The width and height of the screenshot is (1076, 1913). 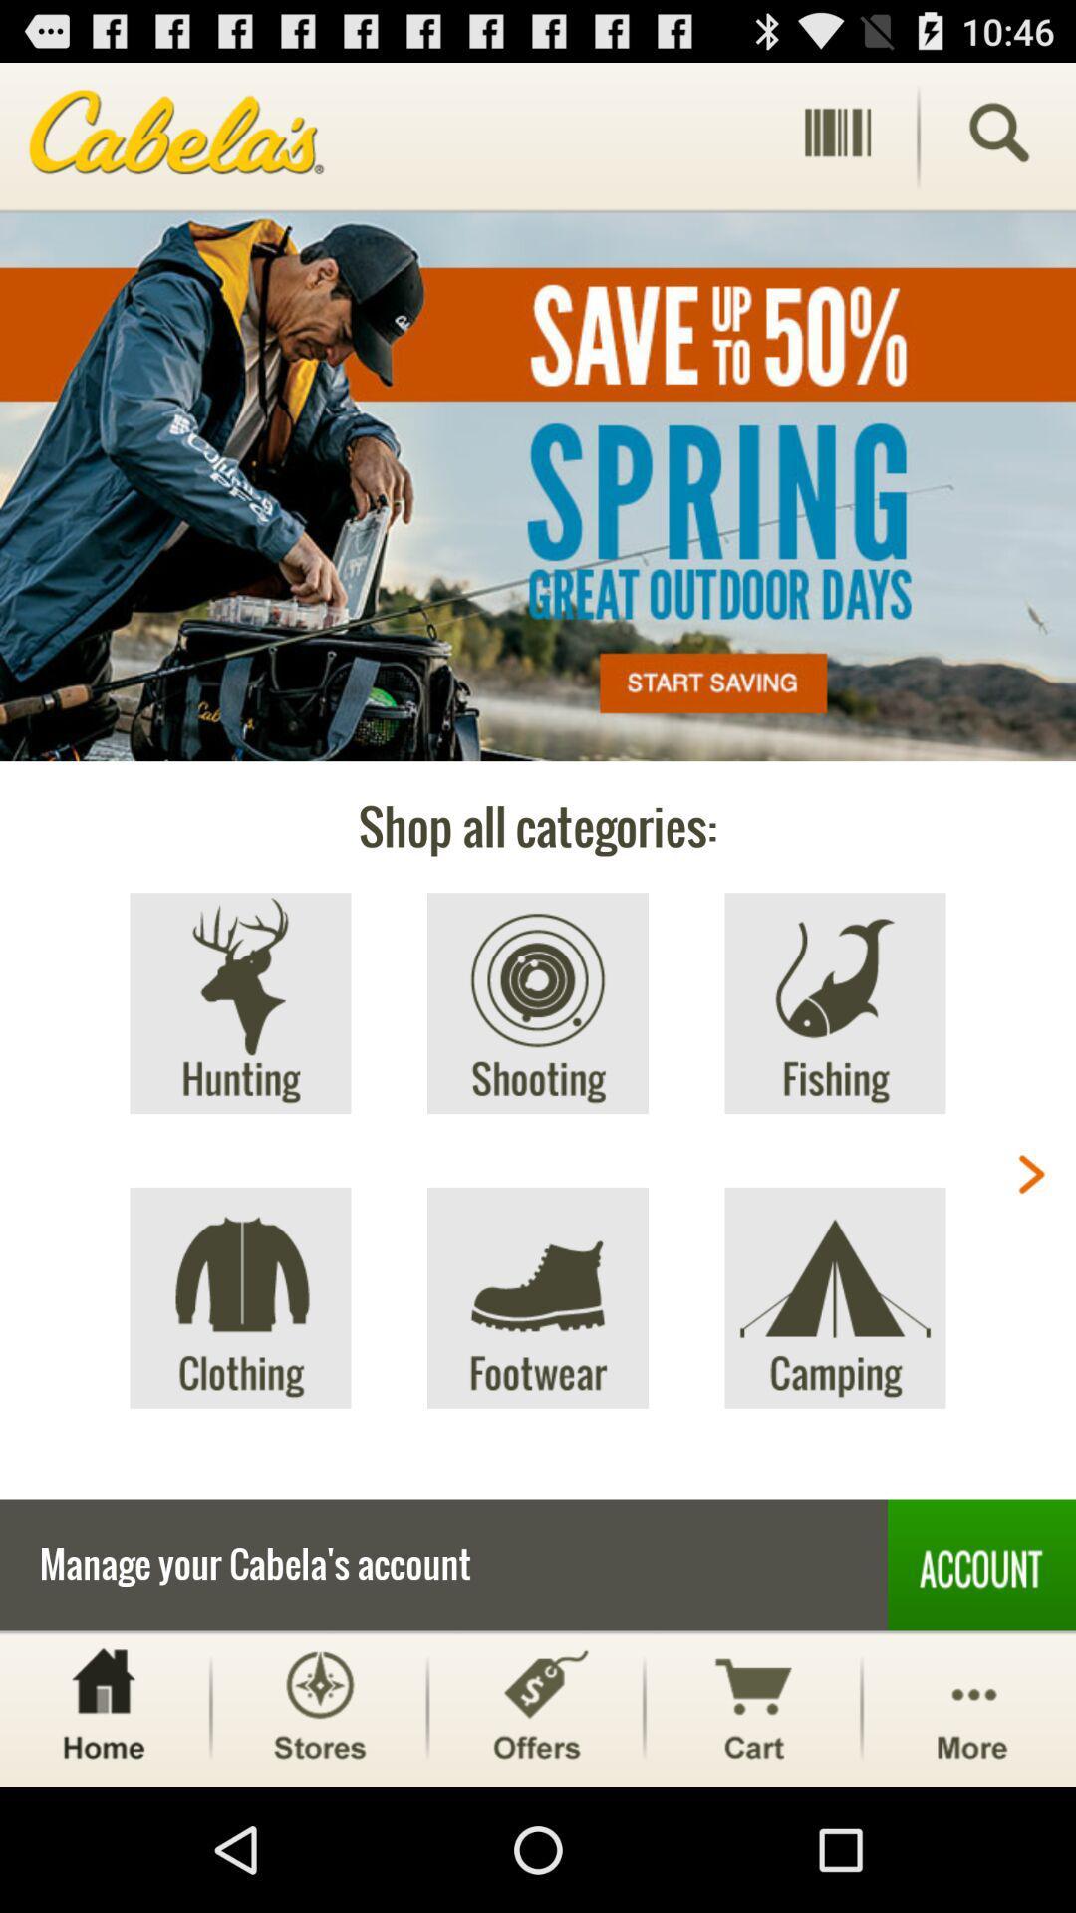 I want to click on the search icon, so click(x=998, y=140).